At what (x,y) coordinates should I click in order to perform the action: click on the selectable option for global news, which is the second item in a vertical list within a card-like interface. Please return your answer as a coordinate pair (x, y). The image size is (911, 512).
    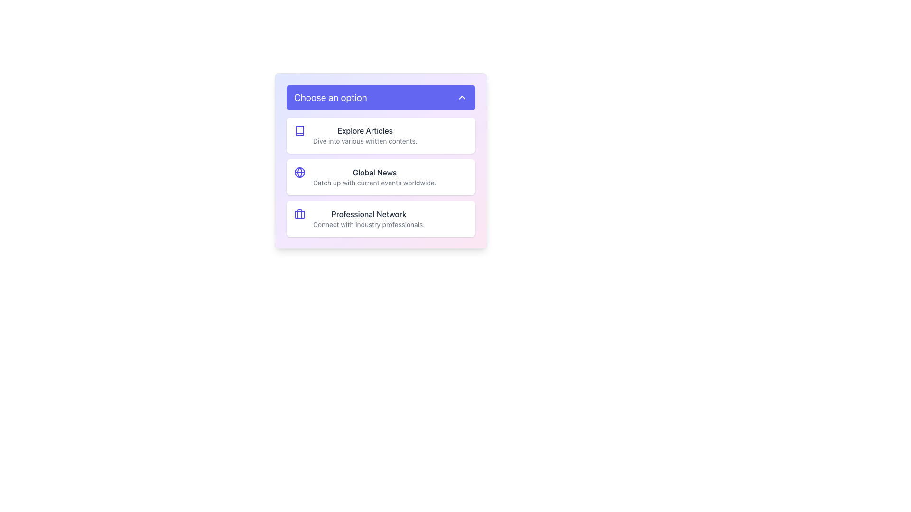
    Looking at the image, I should click on (374, 177).